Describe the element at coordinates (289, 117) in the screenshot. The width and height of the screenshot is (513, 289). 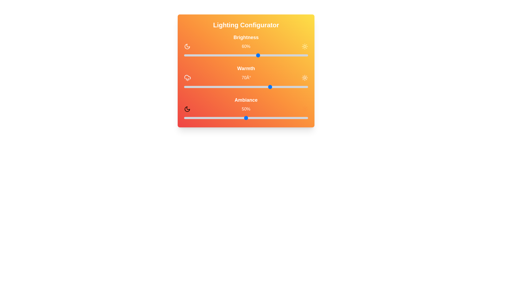
I see `the ambiance slider to 85%` at that location.